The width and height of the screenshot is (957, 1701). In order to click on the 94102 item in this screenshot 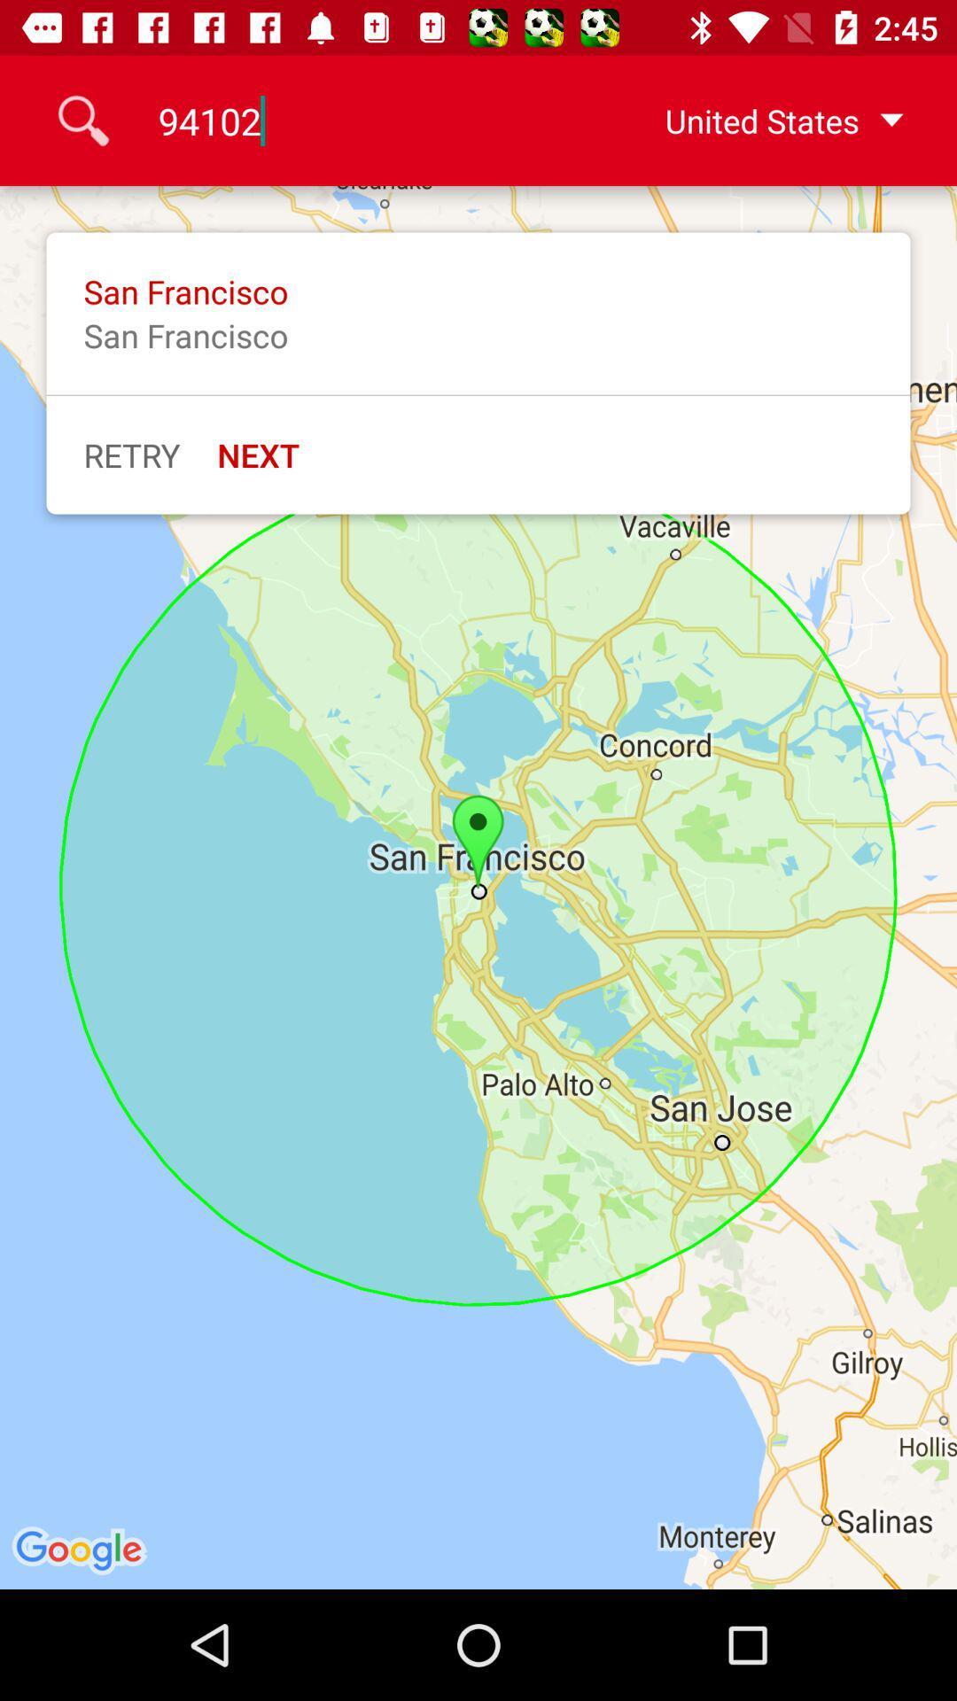, I will do `click(361, 120)`.